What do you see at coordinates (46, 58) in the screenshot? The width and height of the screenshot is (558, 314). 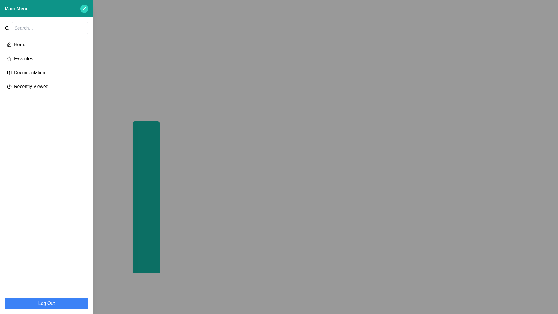 I see `the 'Favorites' button located between the 'Home' option and 'Documentation' in the main menu` at bounding box center [46, 58].